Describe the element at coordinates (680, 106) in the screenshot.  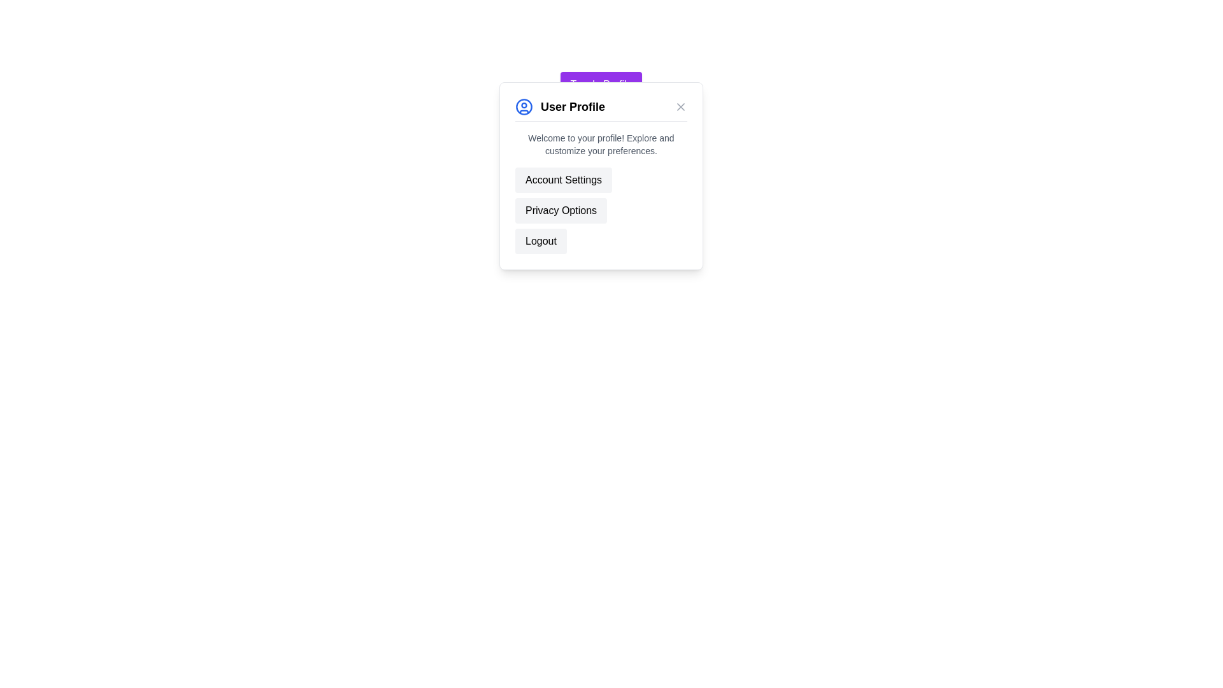
I see `the close button located in the top-right corner of the 'User Profile' modal` at that location.